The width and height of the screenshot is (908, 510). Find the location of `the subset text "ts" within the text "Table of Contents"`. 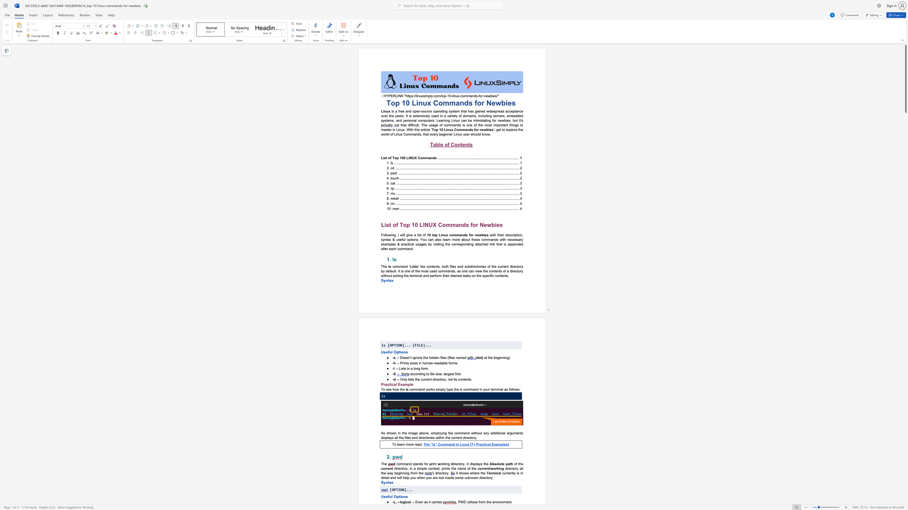

the subset text "ts" within the text "Table of Contents" is located at coordinates (468, 144).